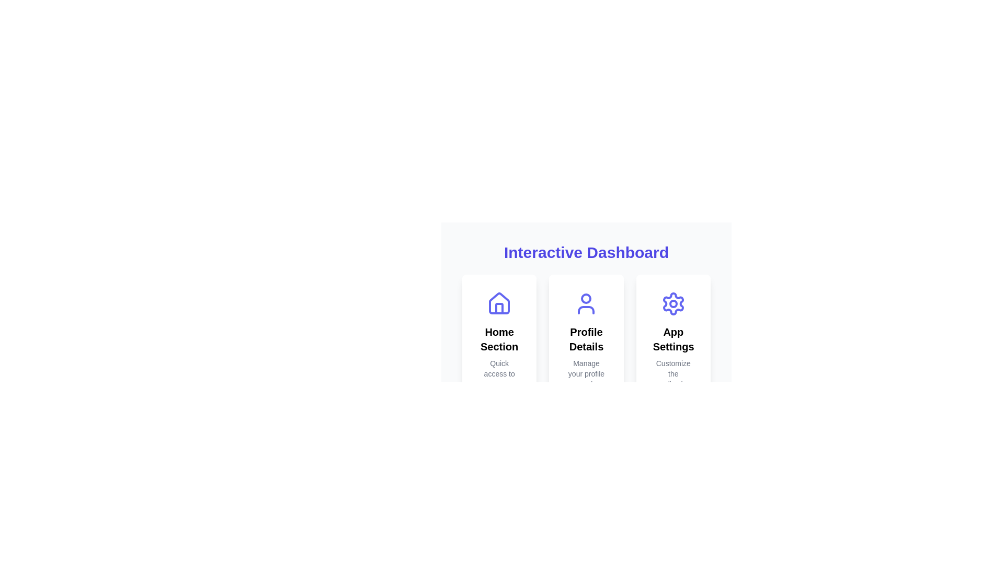 This screenshot has height=564, width=1004. I want to click on the settings icon styled as a cogwheel, which is indigo in color and located within the 'App Settings' card in the bottom-right section of the layout, so click(673, 304).